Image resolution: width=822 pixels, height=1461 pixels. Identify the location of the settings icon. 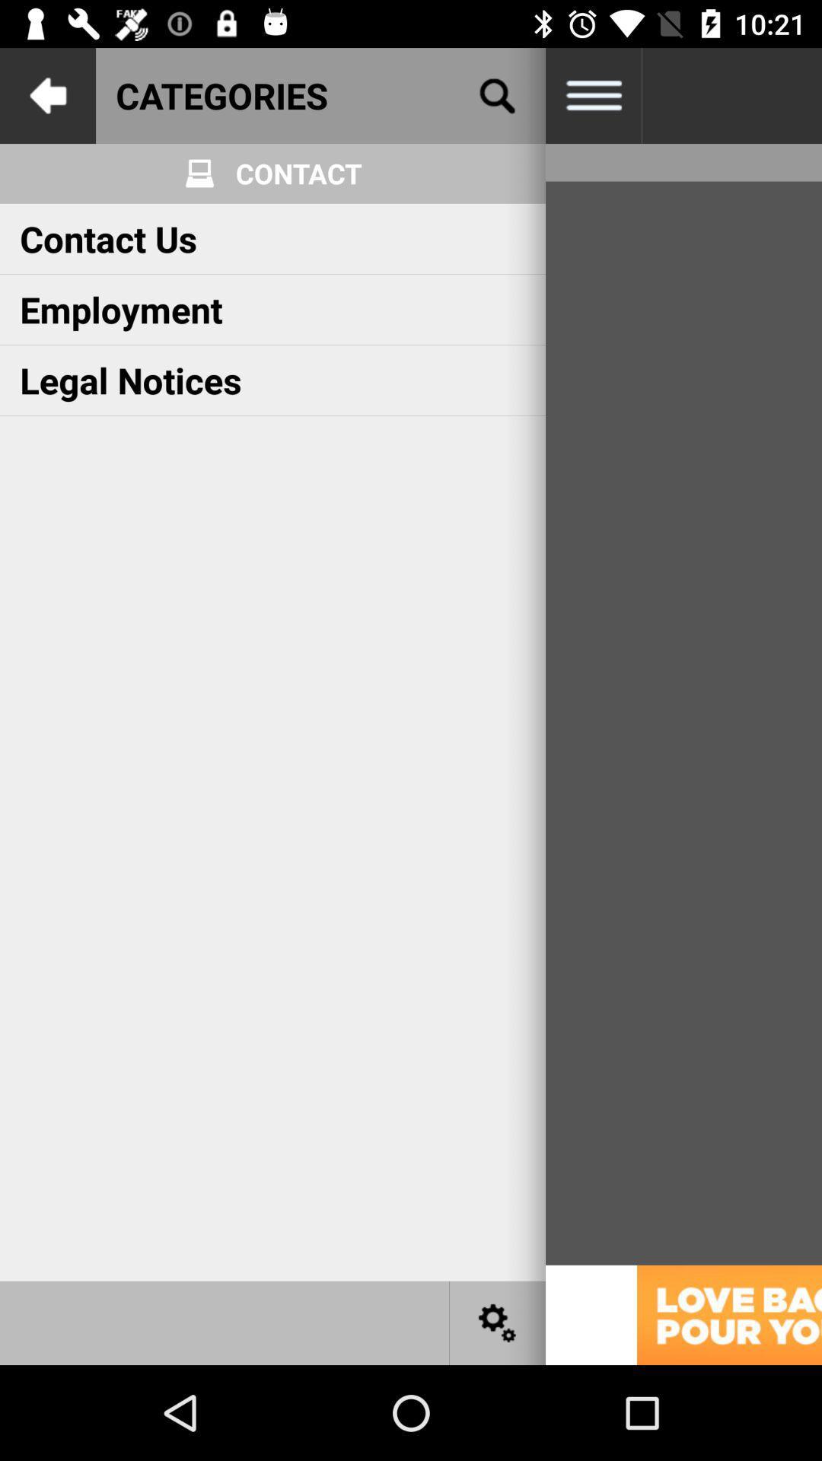
(498, 1322).